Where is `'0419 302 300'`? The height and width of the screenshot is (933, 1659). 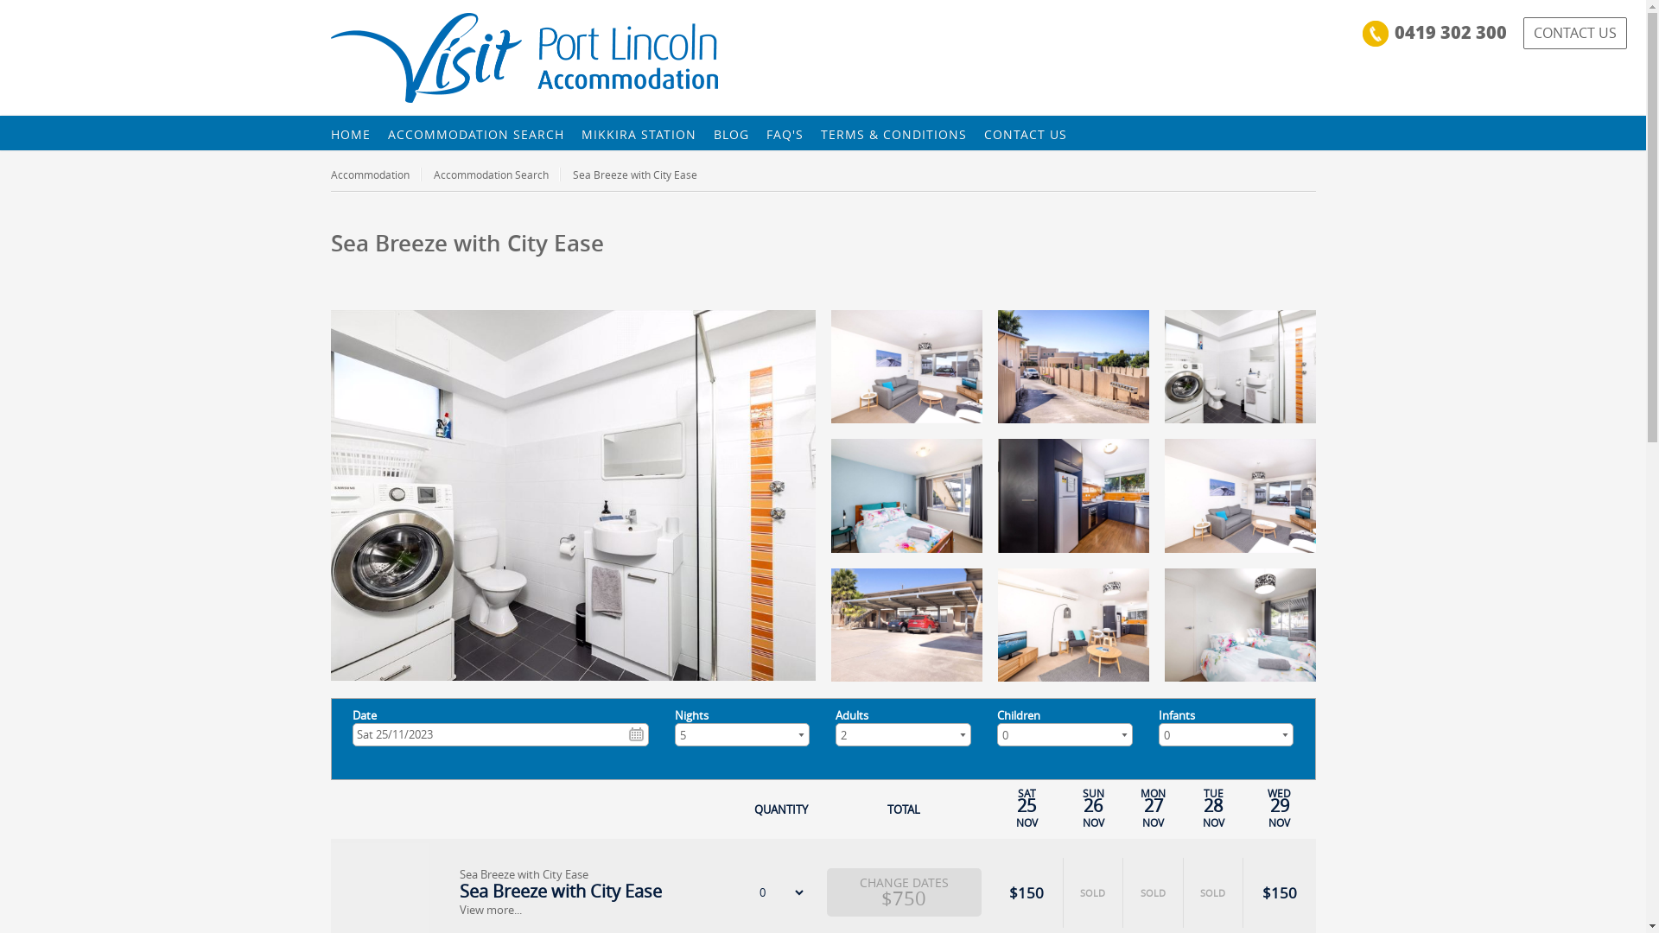 '0419 302 300' is located at coordinates (1394, 32).